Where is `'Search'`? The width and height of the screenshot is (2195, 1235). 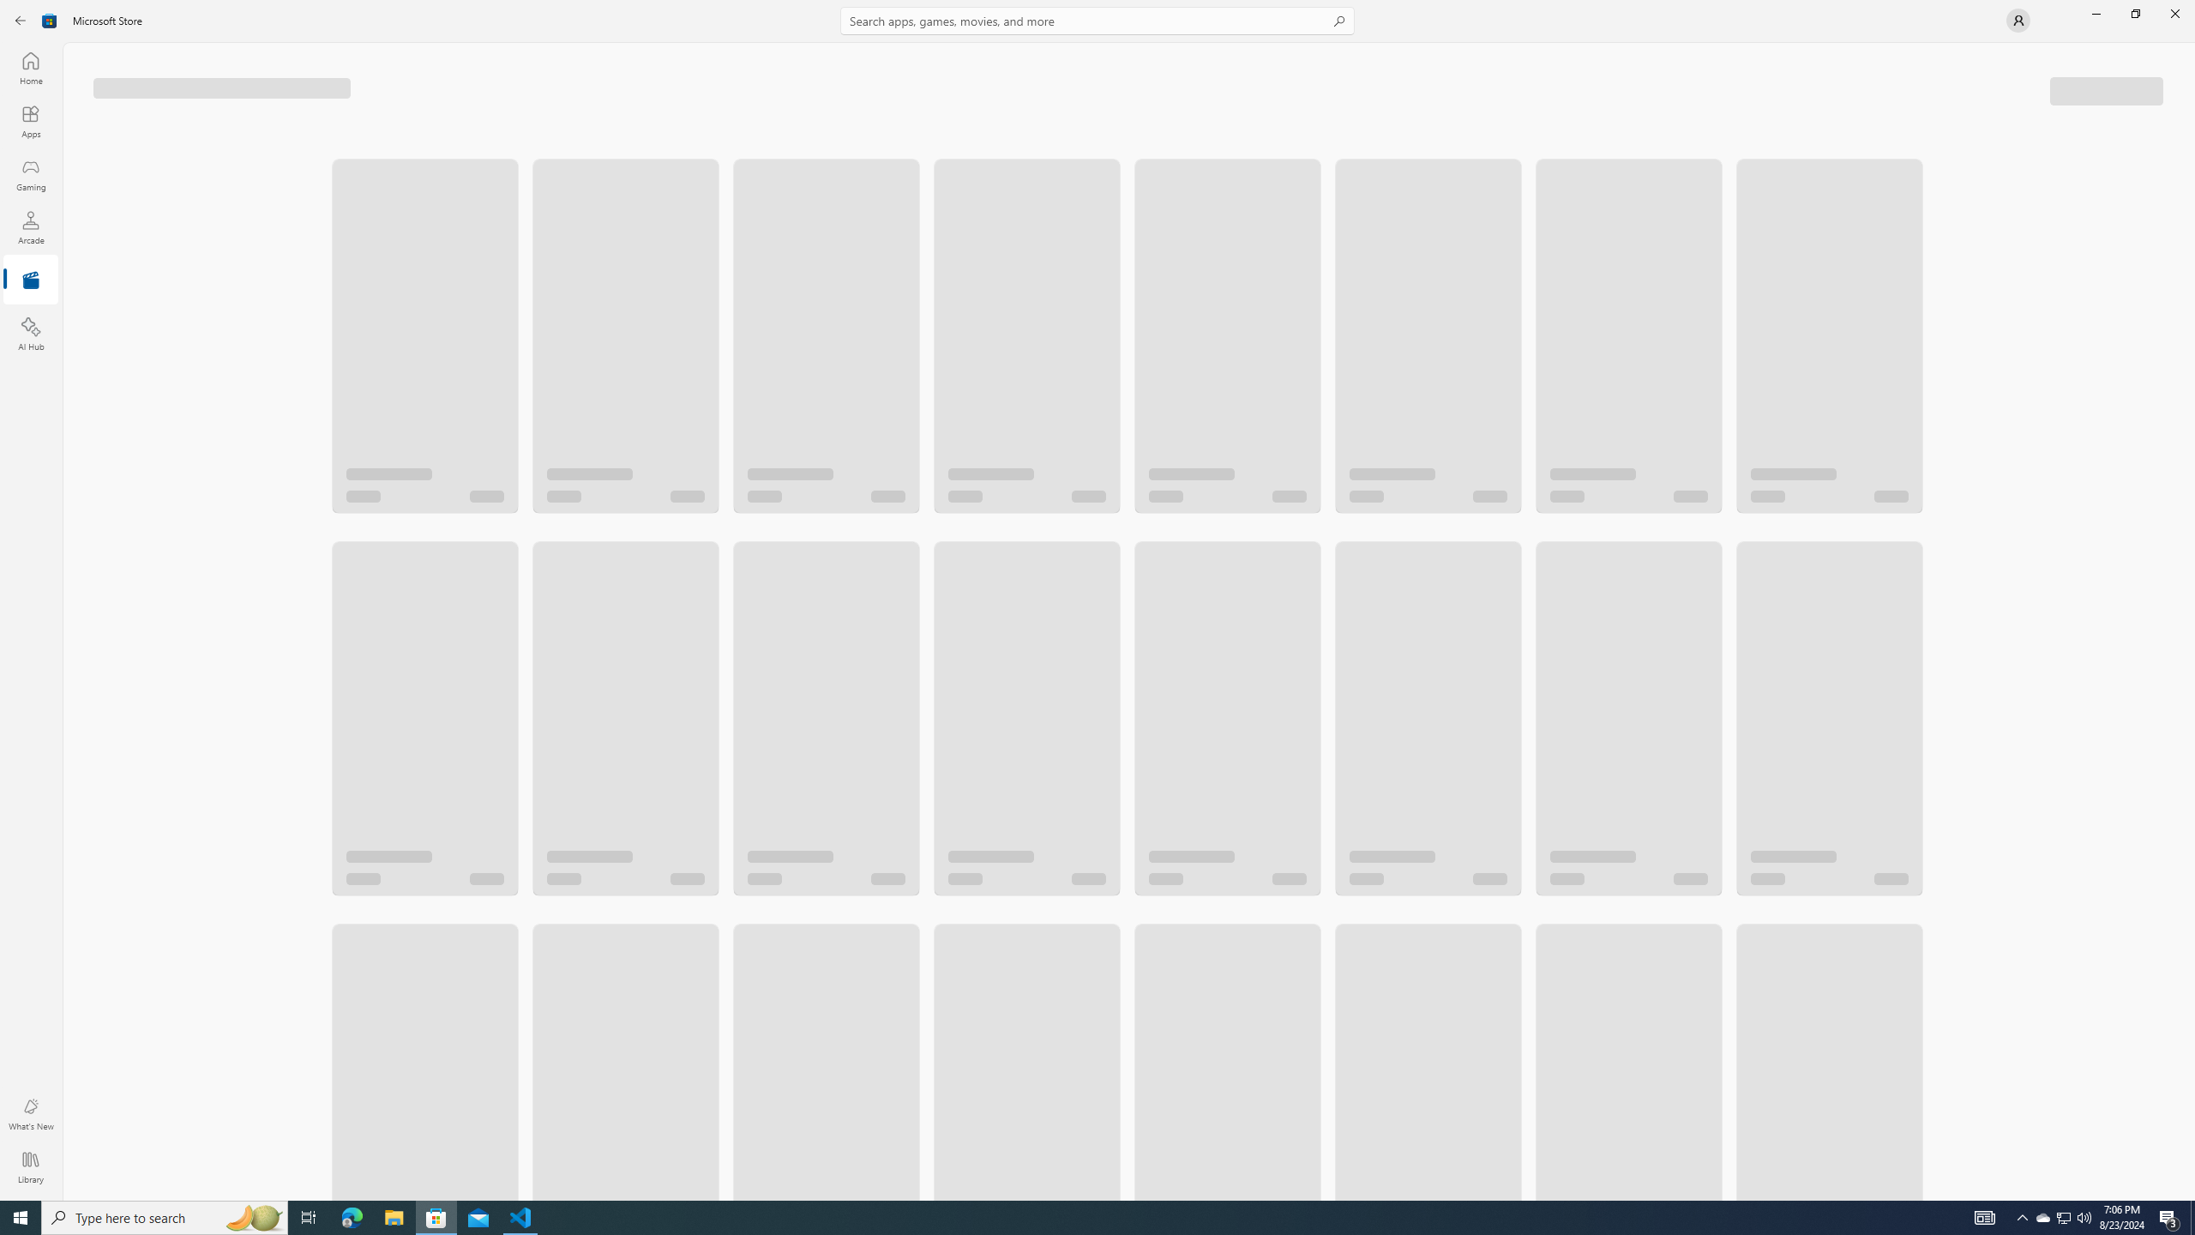 'Search' is located at coordinates (1097, 20).